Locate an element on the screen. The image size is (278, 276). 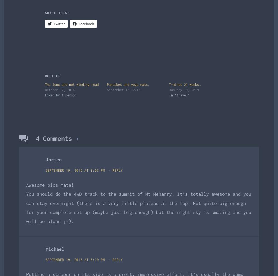
'September 19, 2016 at 5:19 pm' is located at coordinates (76, 260).